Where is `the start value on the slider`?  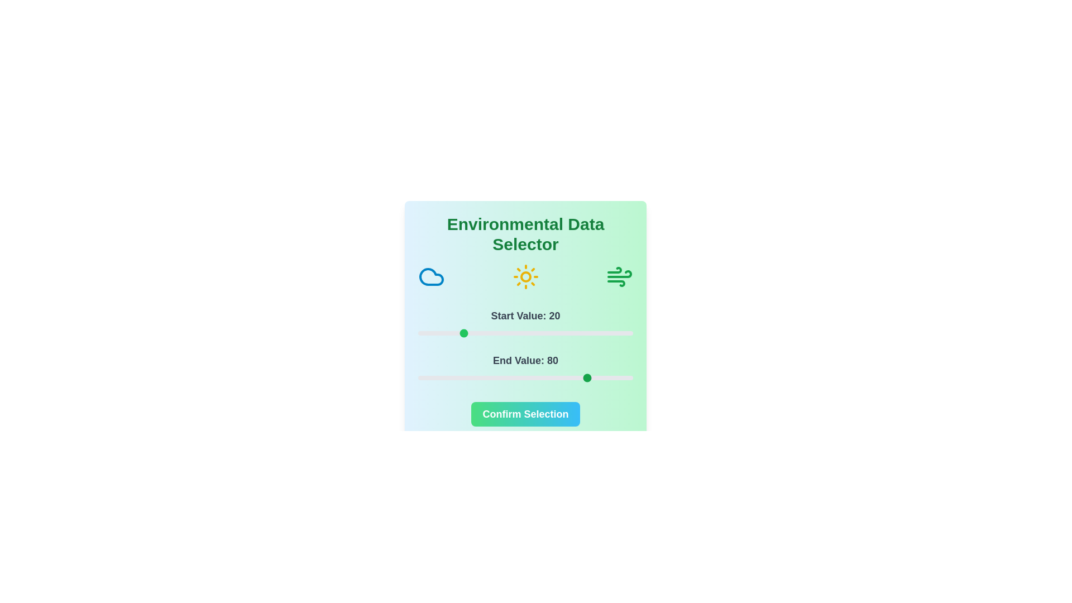
the start value on the slider is located at coordinates (465, 333).